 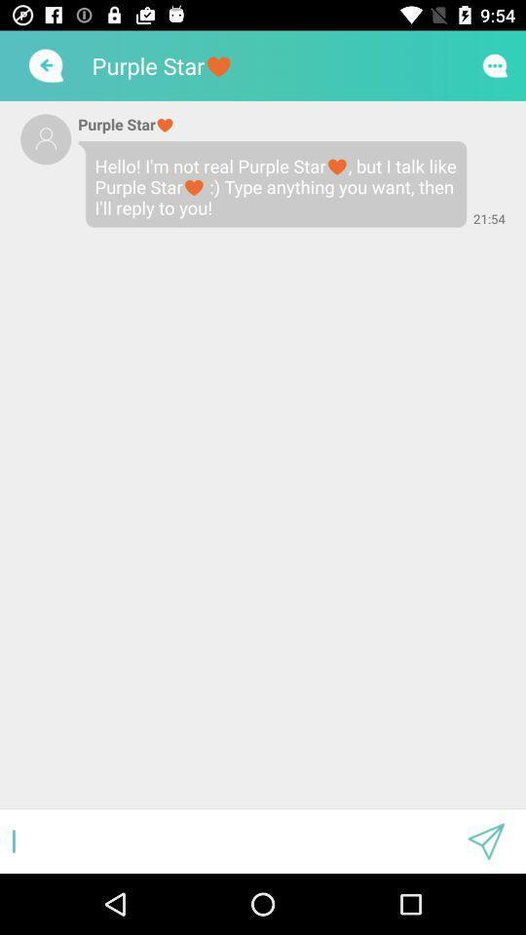 I want to click on the arrow_backward icon, so click(x=44, y=65).